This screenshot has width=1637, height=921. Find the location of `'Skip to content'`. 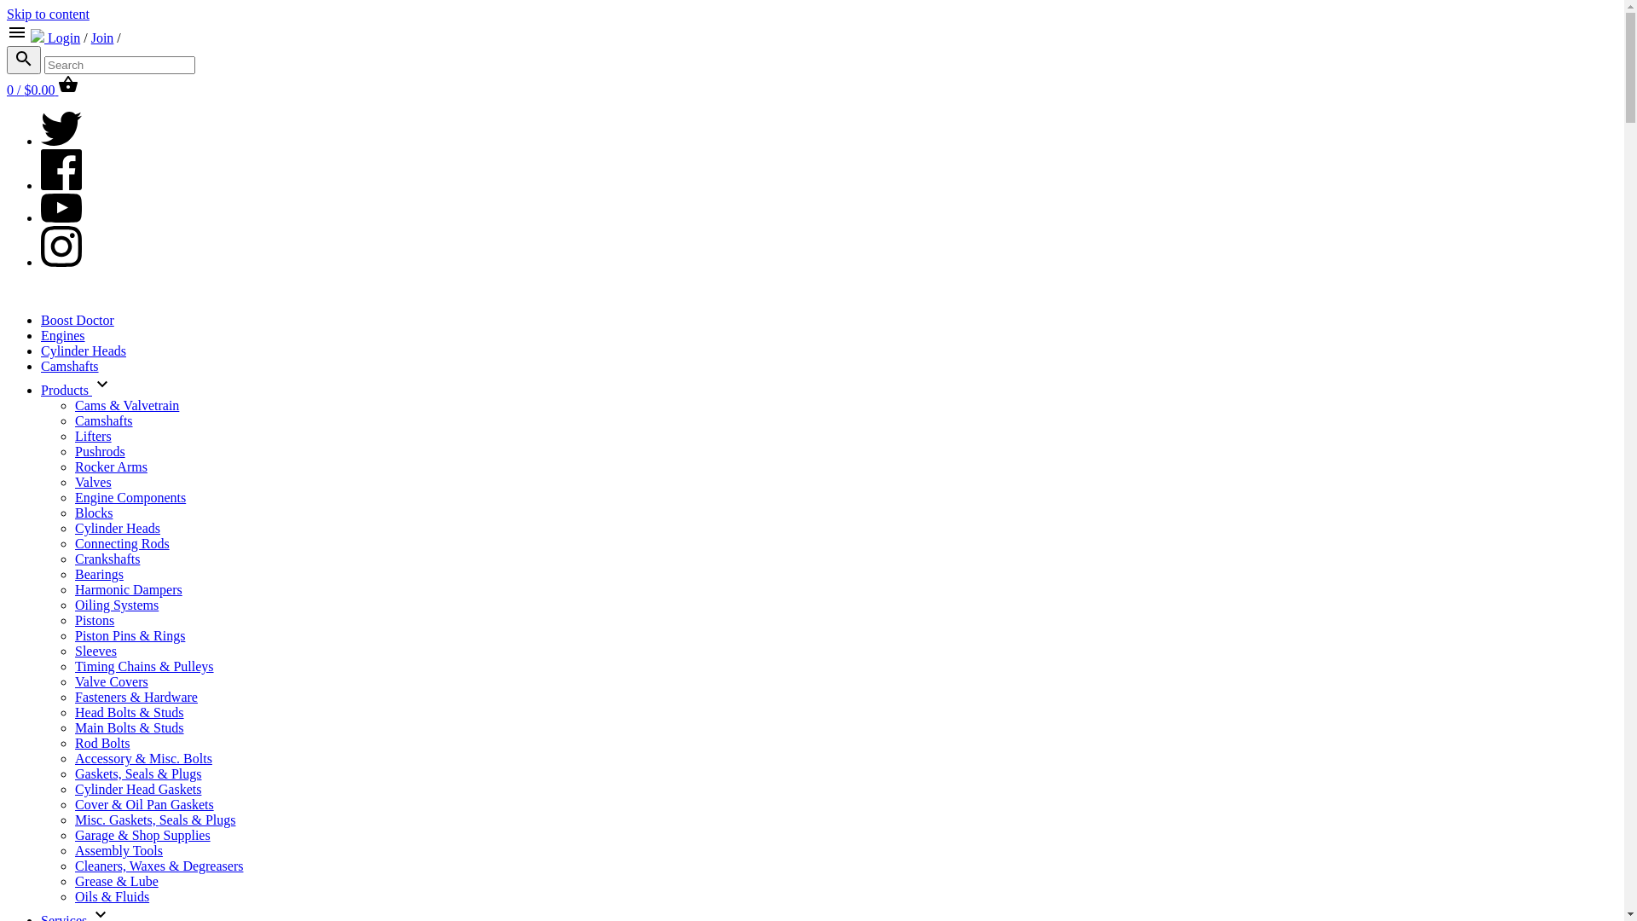

'Skip to content' is located at coordinates (48, 14).